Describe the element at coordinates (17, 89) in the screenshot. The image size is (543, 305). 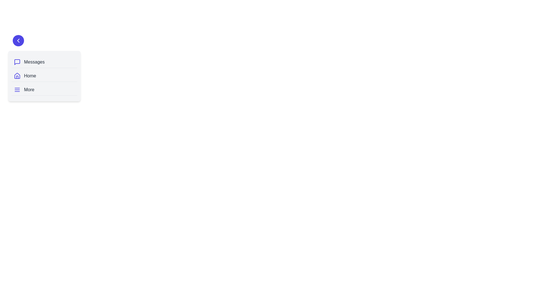
I see `the icon labeled 'More'` at that location.